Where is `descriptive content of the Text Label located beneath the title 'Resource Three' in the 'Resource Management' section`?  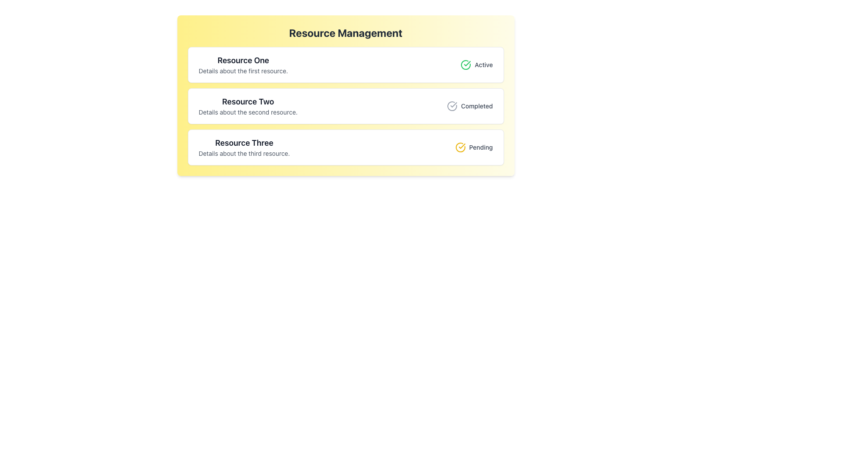
descriptive content of the Text Label located beneath the title 'Resource Three' in the 'Resource Management' section is located at coordinates (244, 153).